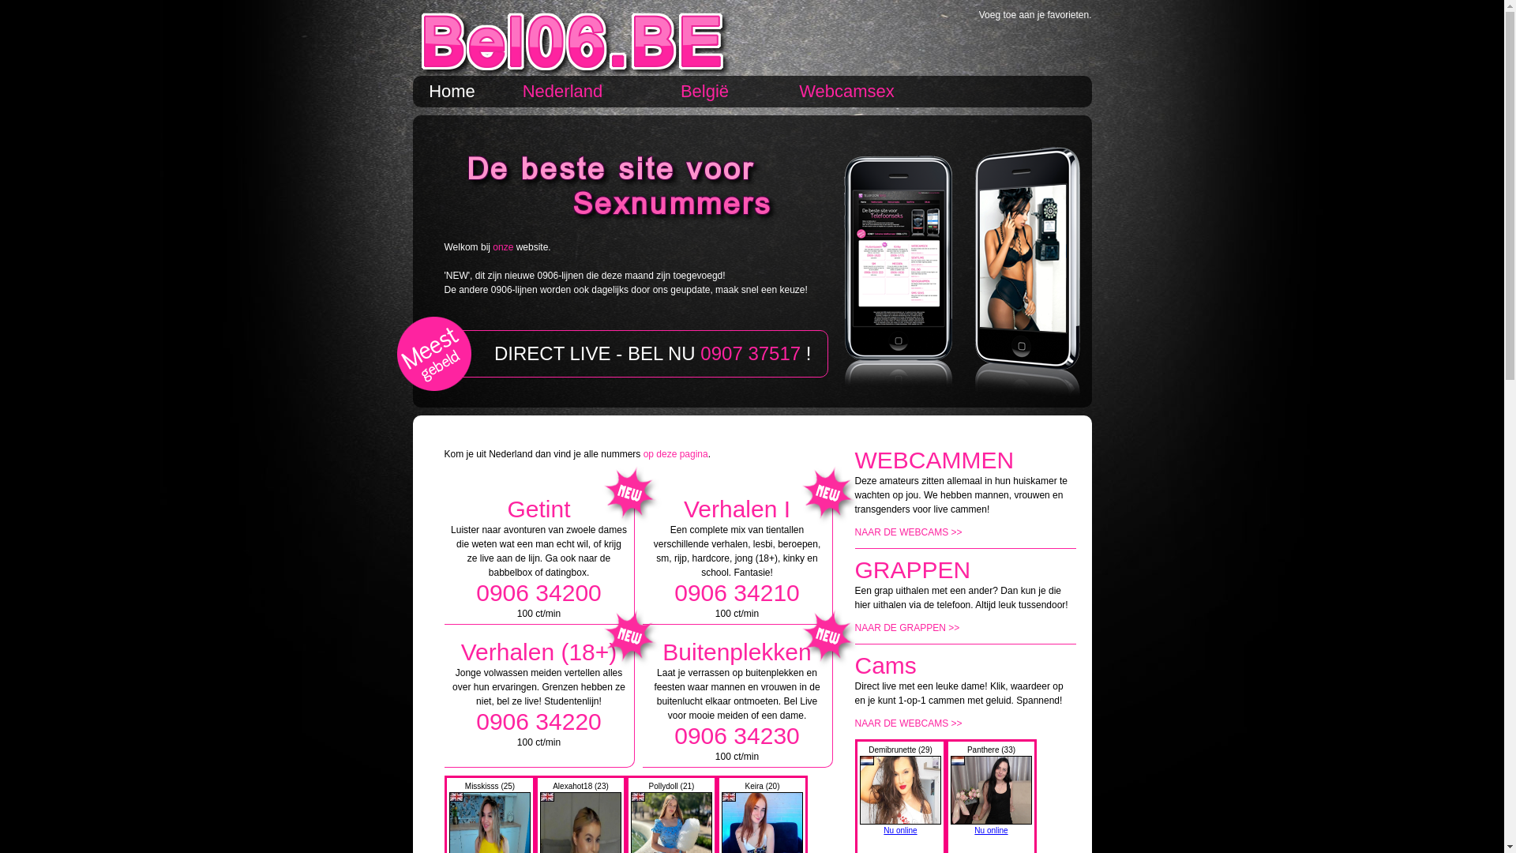 The image size is (1516, 853). Describe the element at coordinates (502, 246) in the screenshot. I see `'onze'` at that location.